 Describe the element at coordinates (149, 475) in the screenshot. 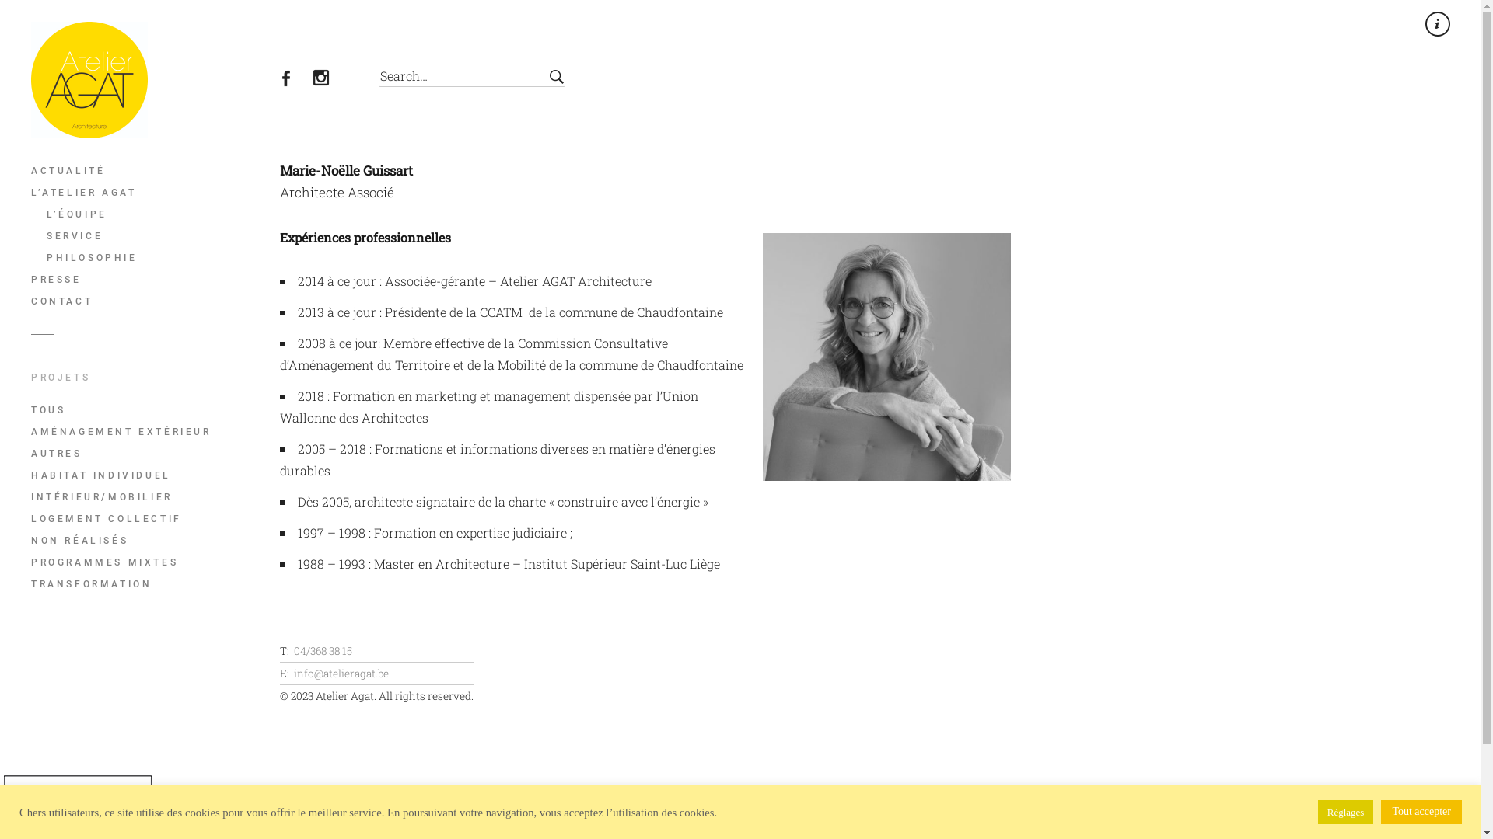

I see `'HABITAT INDIVIDUEL'` at that location.